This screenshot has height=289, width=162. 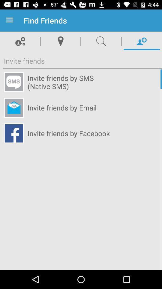 What do you see at coordinates (61, 41) in the screenshot?
I see `location icon beside search icon` at bounding box center [61, 41].